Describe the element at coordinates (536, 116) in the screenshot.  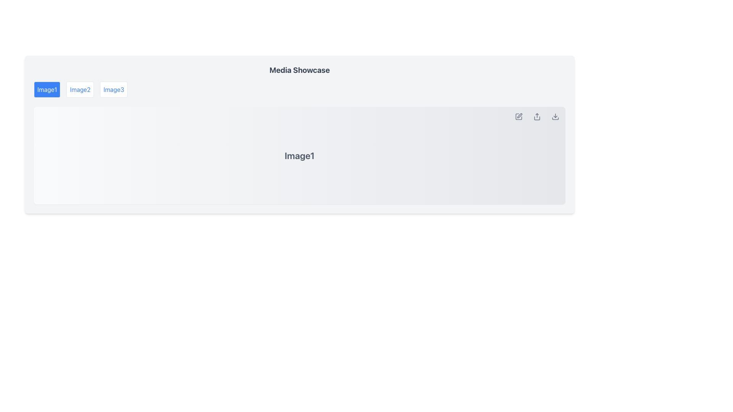
I see `the share button located in the top right corner of the content area, which is the second icon from the right in a row of icons, to share the content` at that location.